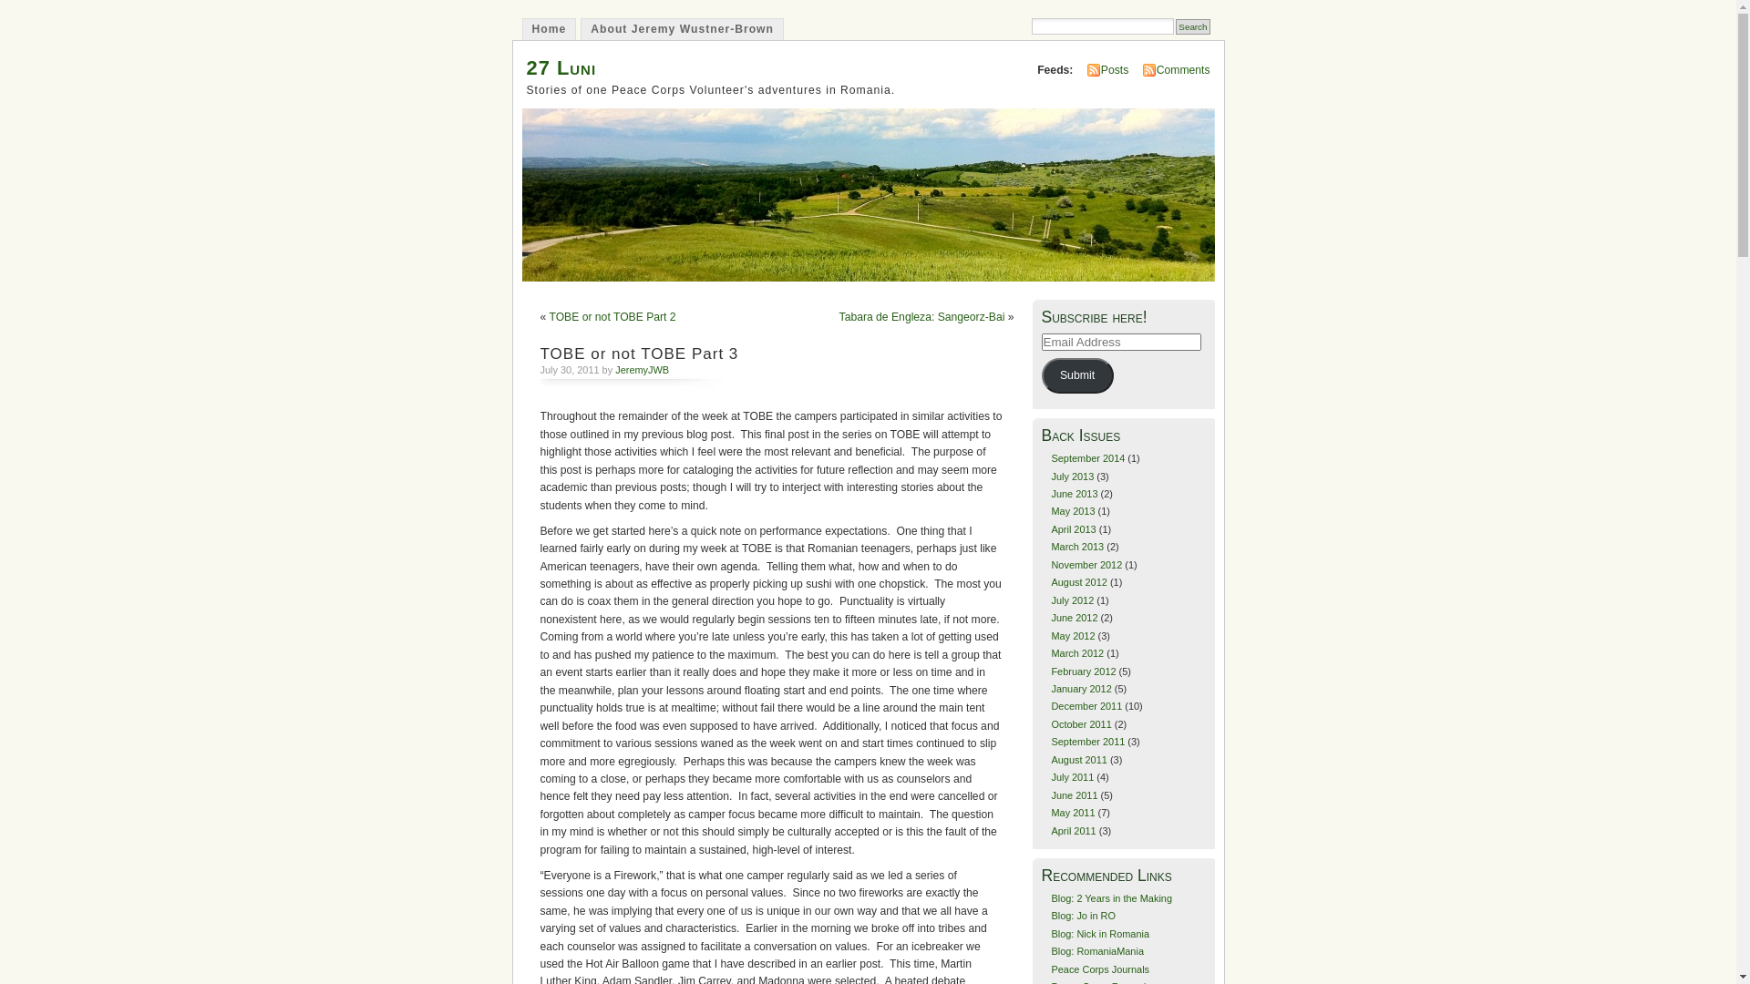 This screenshot has width=1750, height=984. I want to click on 'About Jeremy Wustner-Brown', so click(681, 28).